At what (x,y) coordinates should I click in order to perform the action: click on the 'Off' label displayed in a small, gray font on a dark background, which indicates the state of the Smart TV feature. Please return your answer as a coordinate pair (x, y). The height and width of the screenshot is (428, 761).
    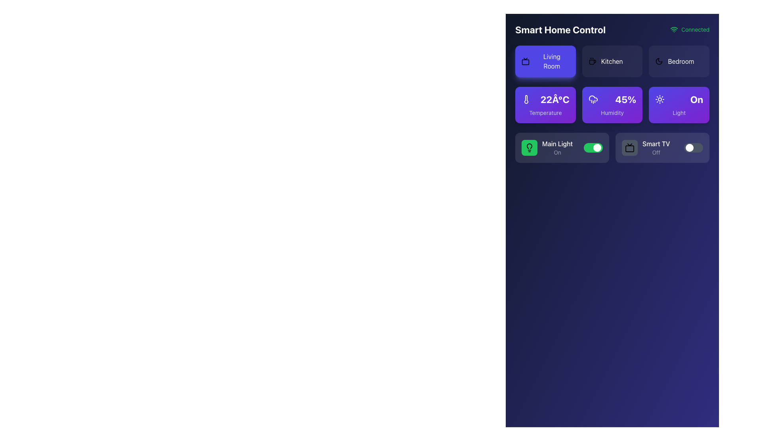
    Looking at the image, I should click on (656, 153).